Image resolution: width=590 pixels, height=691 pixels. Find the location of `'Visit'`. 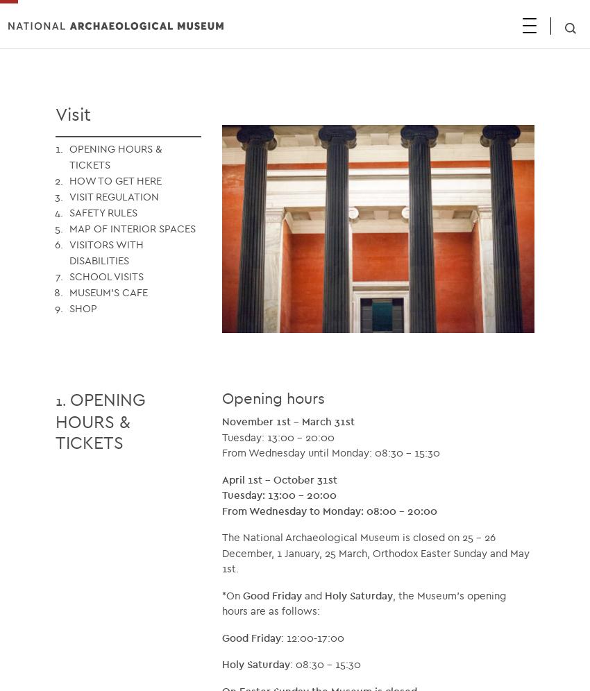

'Visit' is located at coordinates (72, 113).